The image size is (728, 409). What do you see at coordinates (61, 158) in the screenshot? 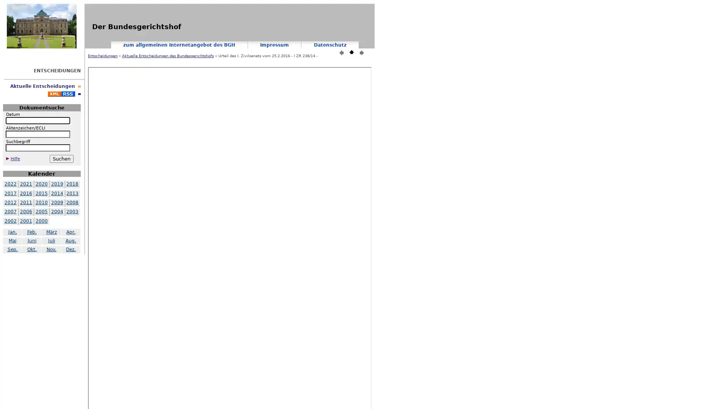
I see `Suchen` at bounding box center [61, 158].